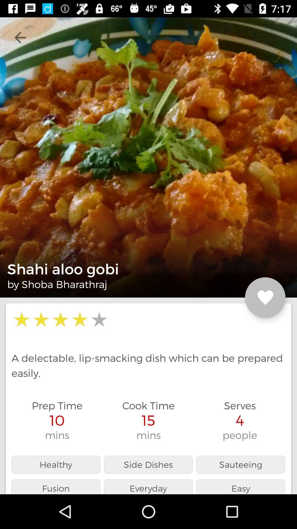 This screenshot has width=297, height=529. Describe the element at coordinates (57, 284) in the screenshot. I see `by shoba bharathraj item` at that location.